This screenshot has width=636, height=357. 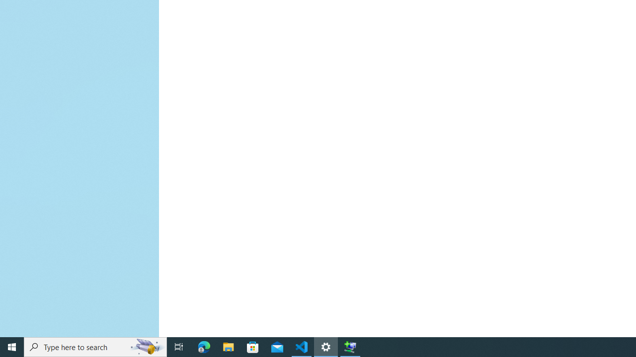 What do you see at coordinates (12, 346) in the screenshot?
I see `'Start'` at bounding box center [12, 346].